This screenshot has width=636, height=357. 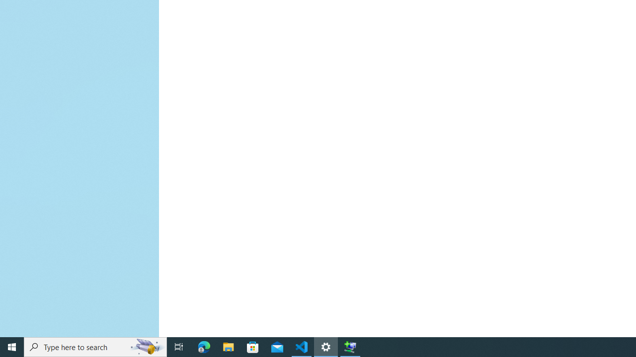 What do you see at coordinates (12, 346) in the screenshot?
I see `'Start'` at bounding box center [12, 346].